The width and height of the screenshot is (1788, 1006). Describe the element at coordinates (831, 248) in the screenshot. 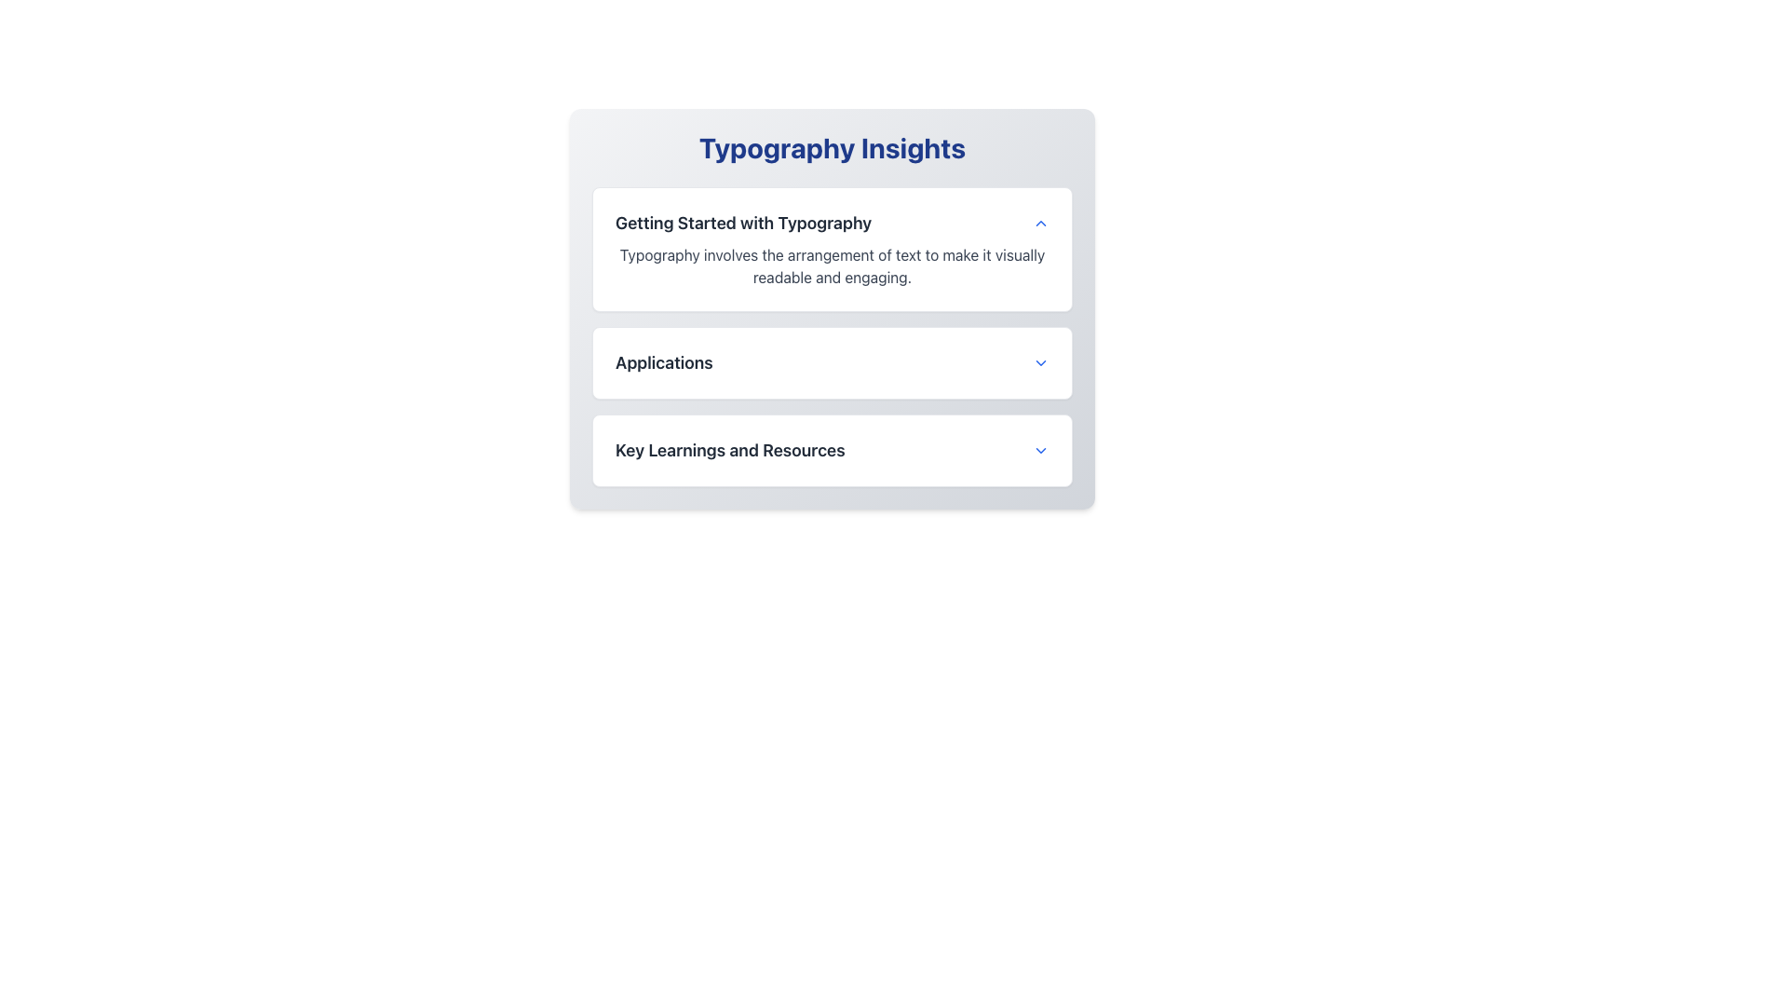

I see `text content of the first collapsible section header under the 'Typography Insights' group, which provides an overview of typography's arrangement and importance for visual readability` at that location.